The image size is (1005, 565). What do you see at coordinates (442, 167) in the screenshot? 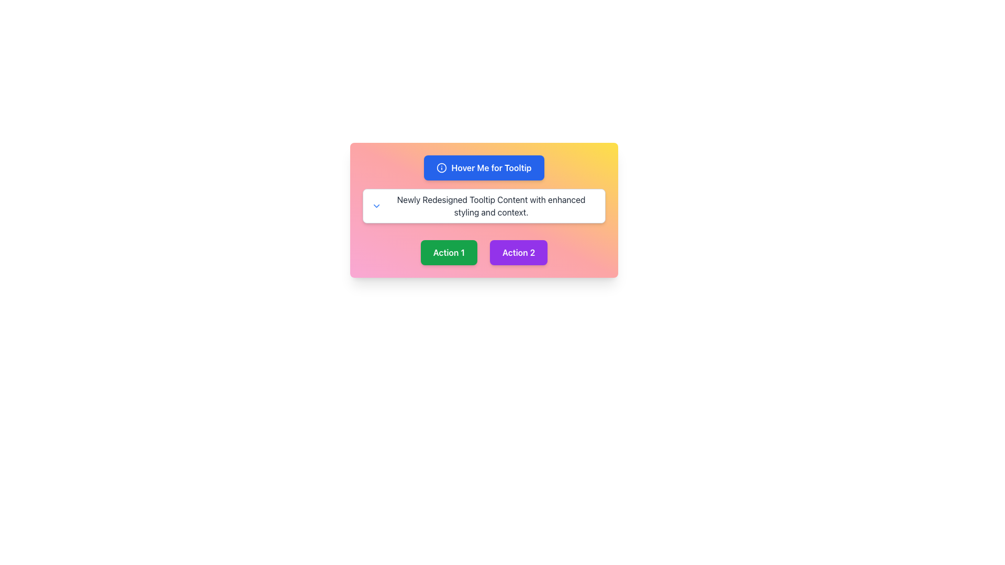
I see `the small circular 'info' icon located on the left side of the blue button labeled 'Hover Me for Tooltip'` at bounding box center [442, 167].